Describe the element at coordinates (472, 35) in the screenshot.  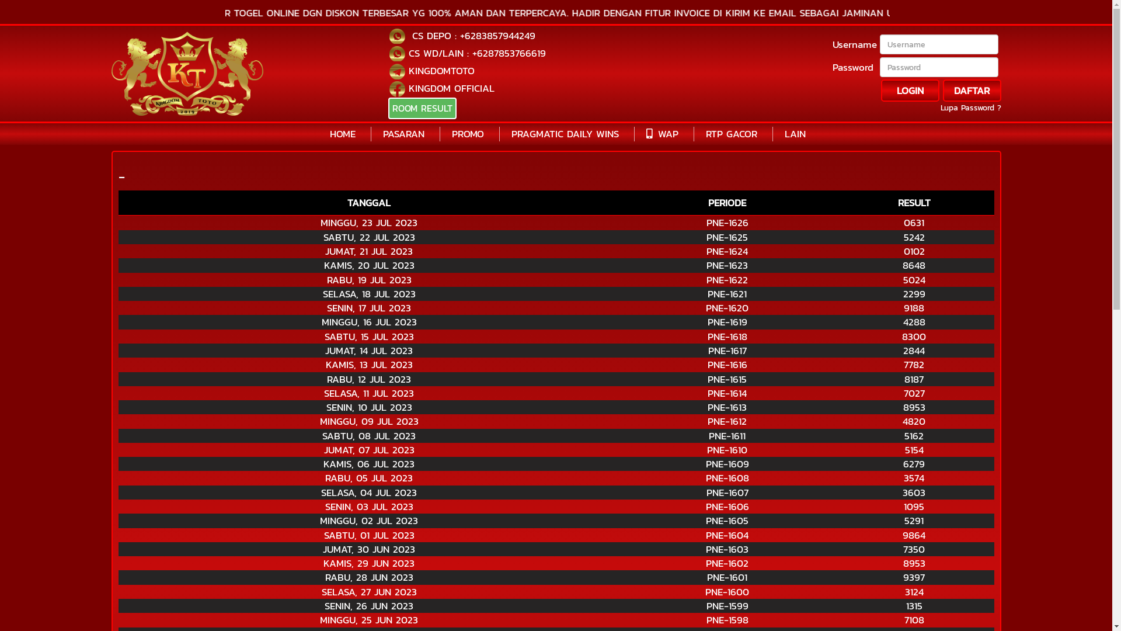
I see `'CS DEPO : +6283857944249'` at that location.